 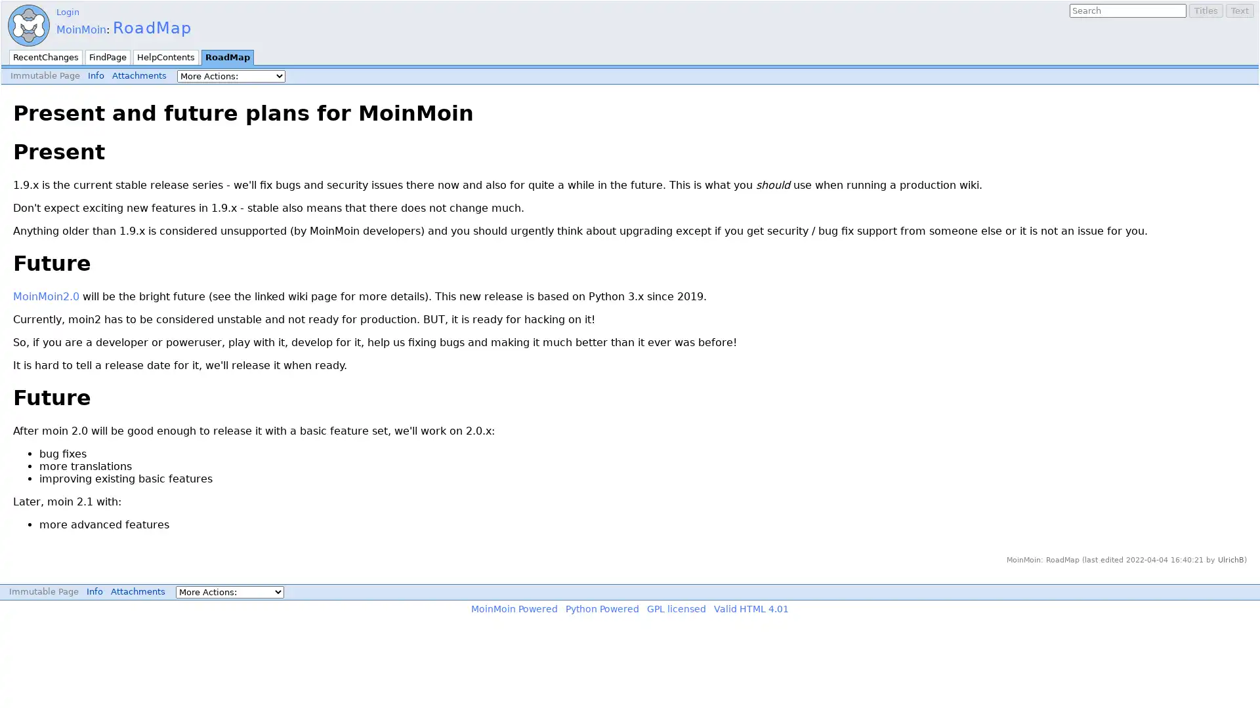 I want to click on Text, so click(x=1239, y=10).